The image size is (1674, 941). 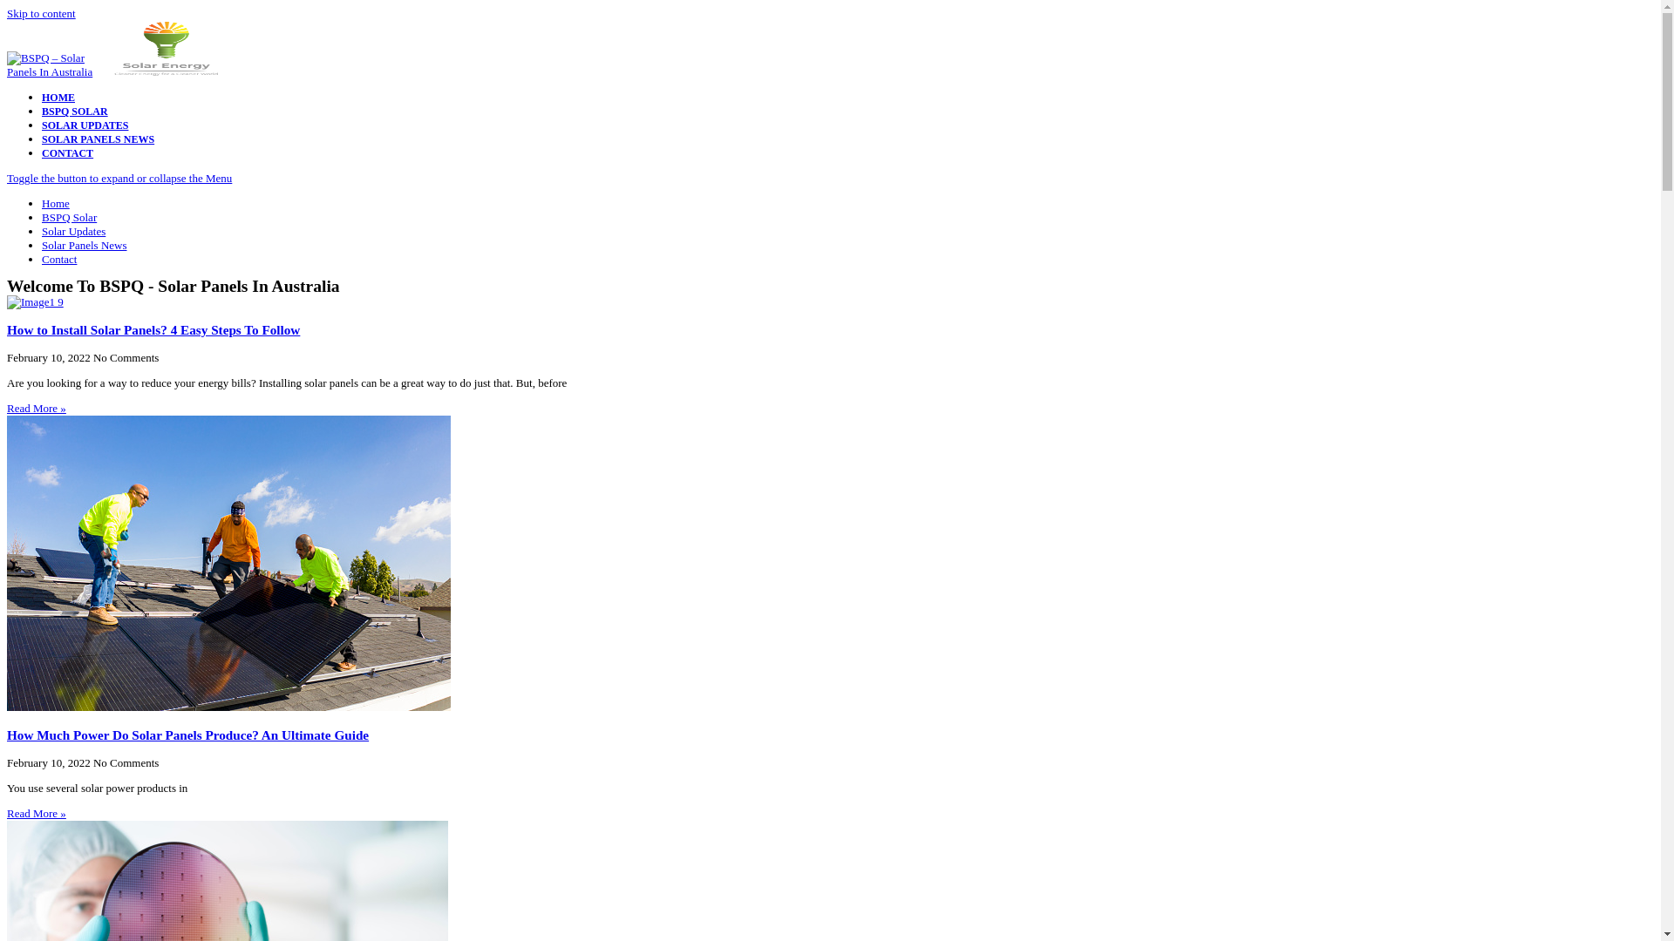 What do you see at coordinates (7, 13) in the screenshot?
I see `'Skip to content'` at bounding box center [7, 13].